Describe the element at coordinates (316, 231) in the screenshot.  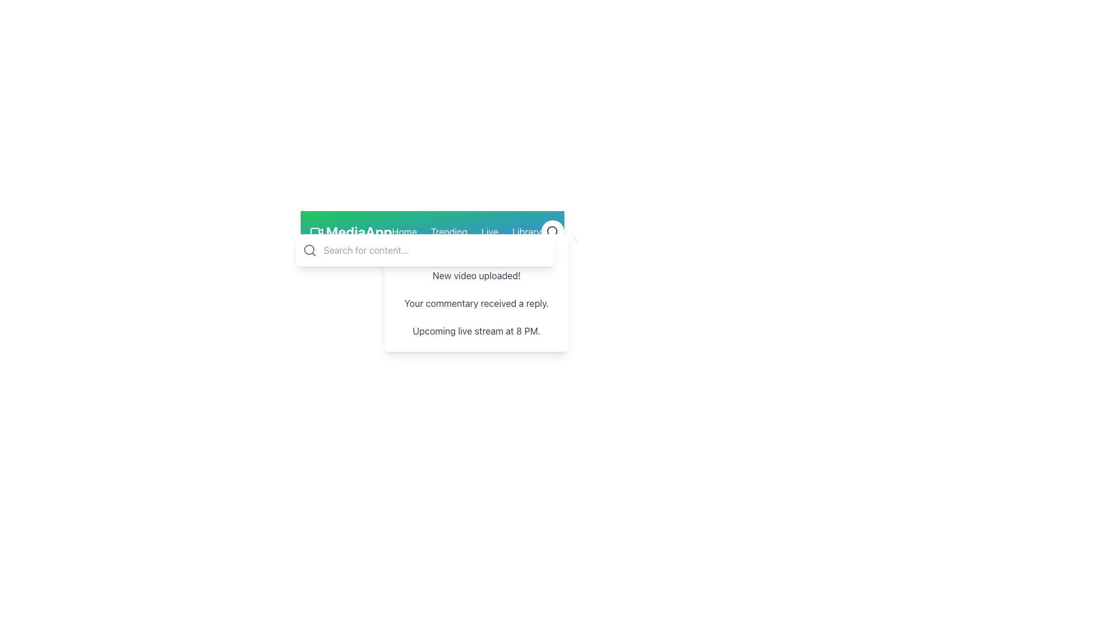
I see `the video-related icon located to the left of the 'MediaApp' text in the top navigation area` at that location.